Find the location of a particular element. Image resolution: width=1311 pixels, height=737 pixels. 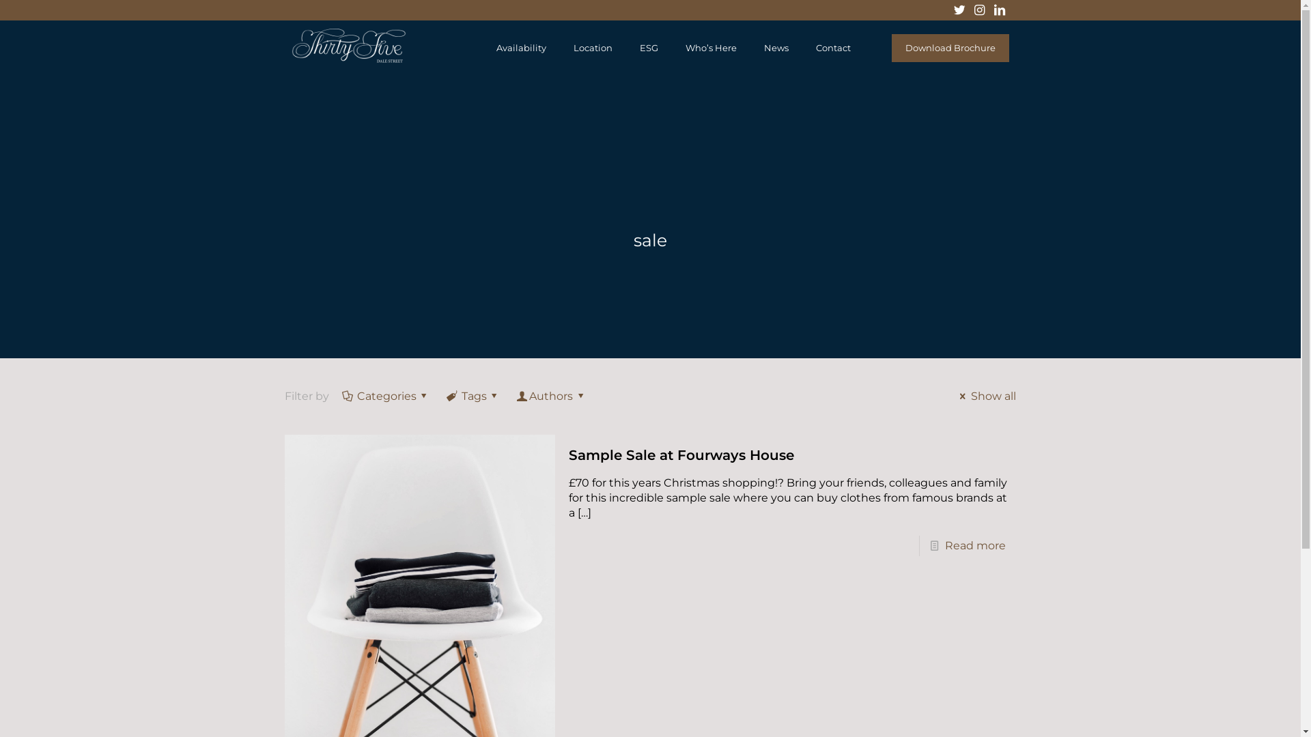

'Show all' is located at coordinates (985, 396).